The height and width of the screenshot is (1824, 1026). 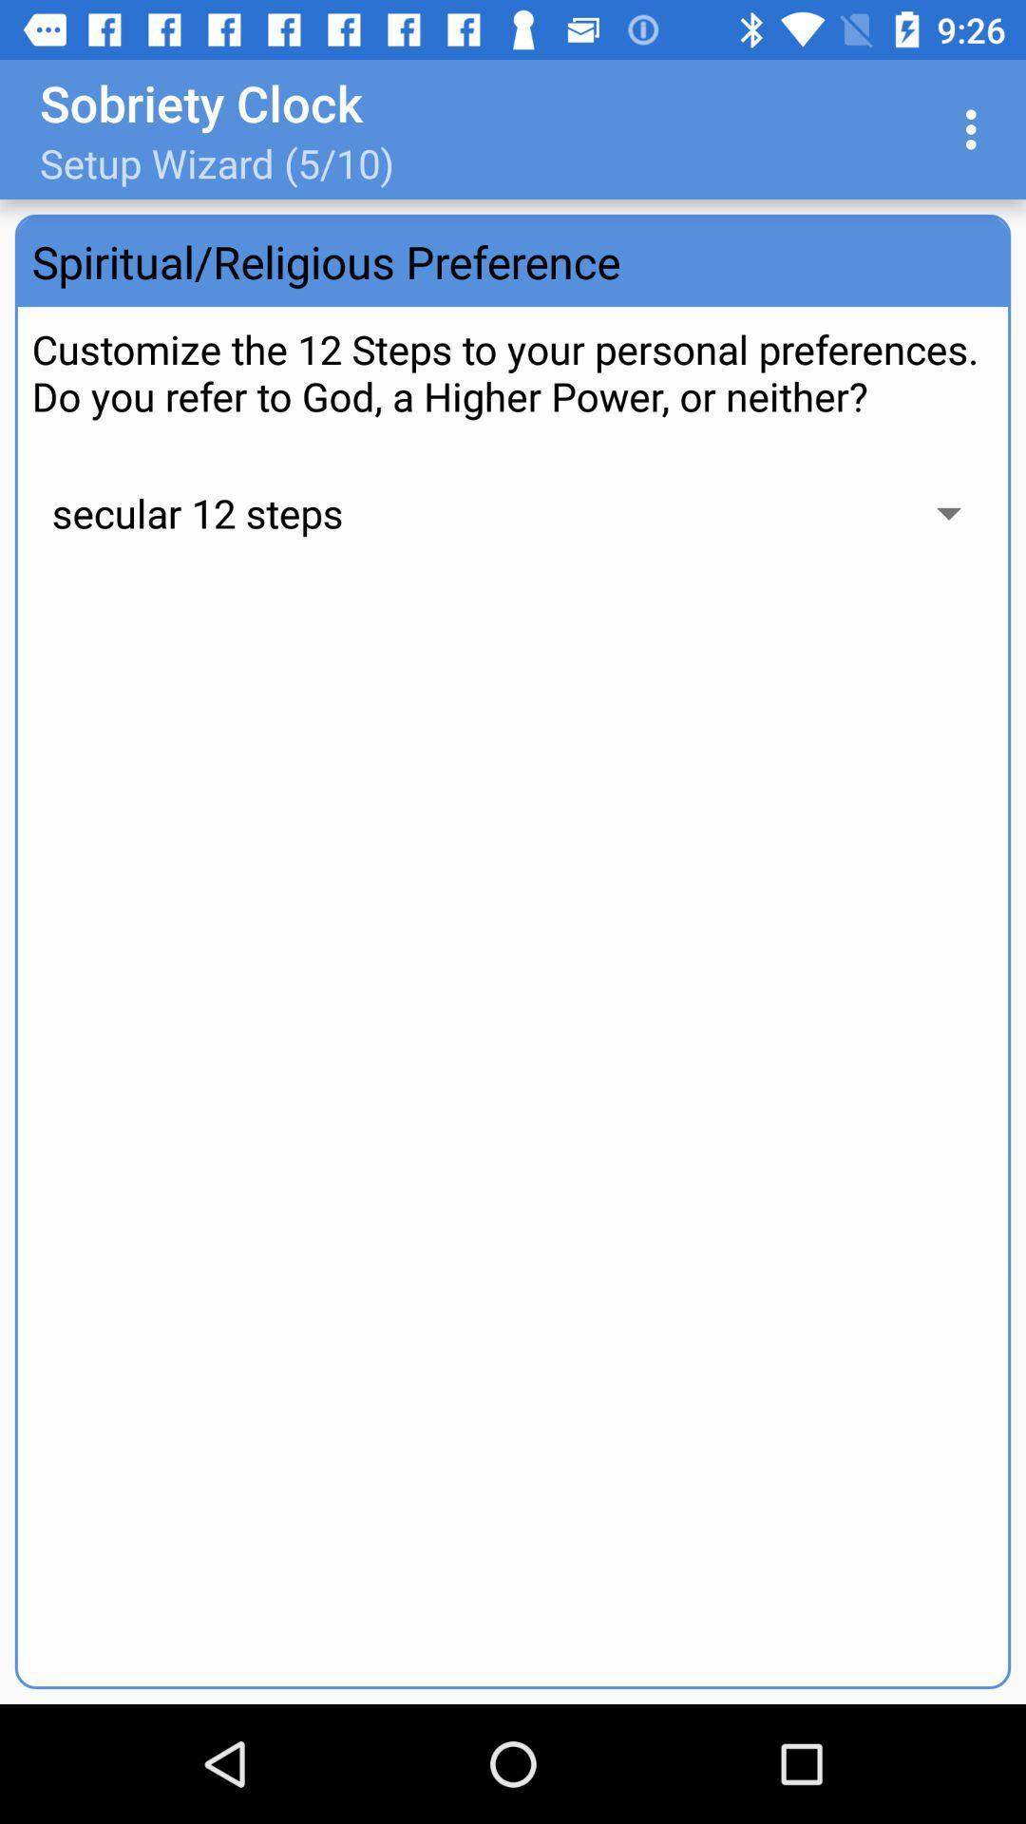 I want to click on app next to setup wizard 5 icon, so click(x=976, y=128).